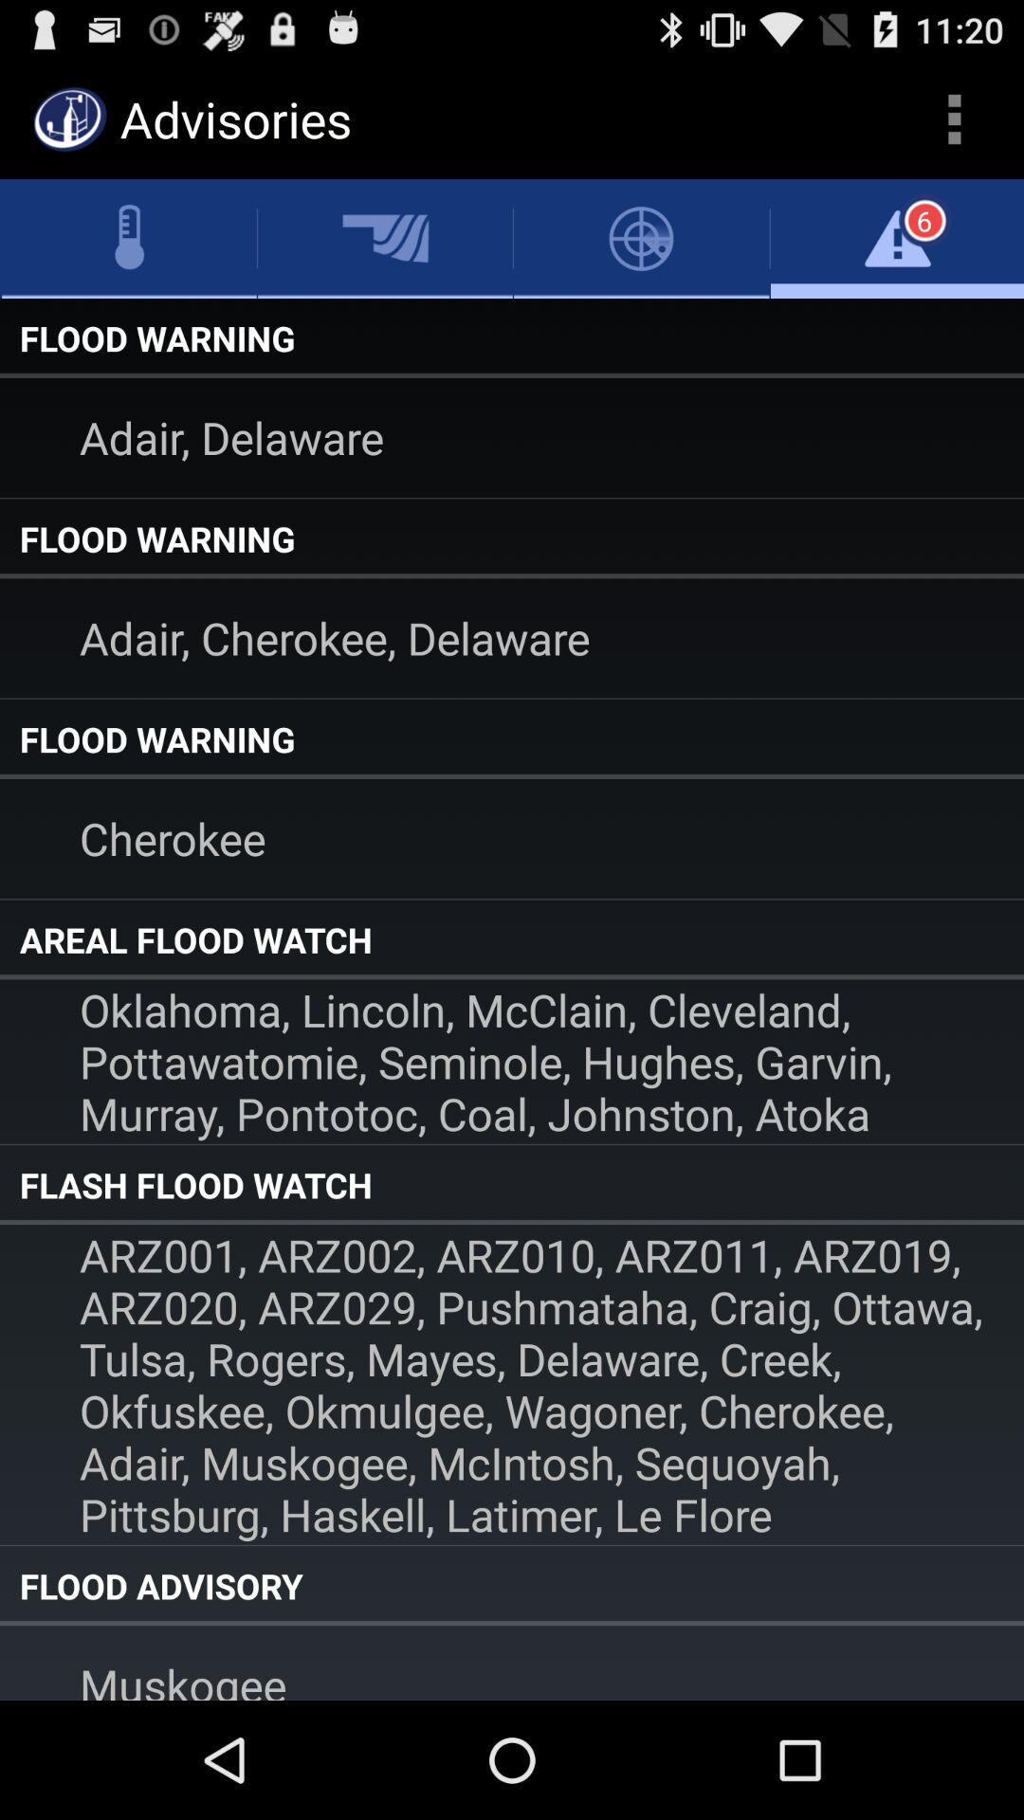 This screenshot has height=1820, width=1024. Describe the element at coordinates (512, 1384) in the screenshot. I see `app above flood advisory app` at that location.